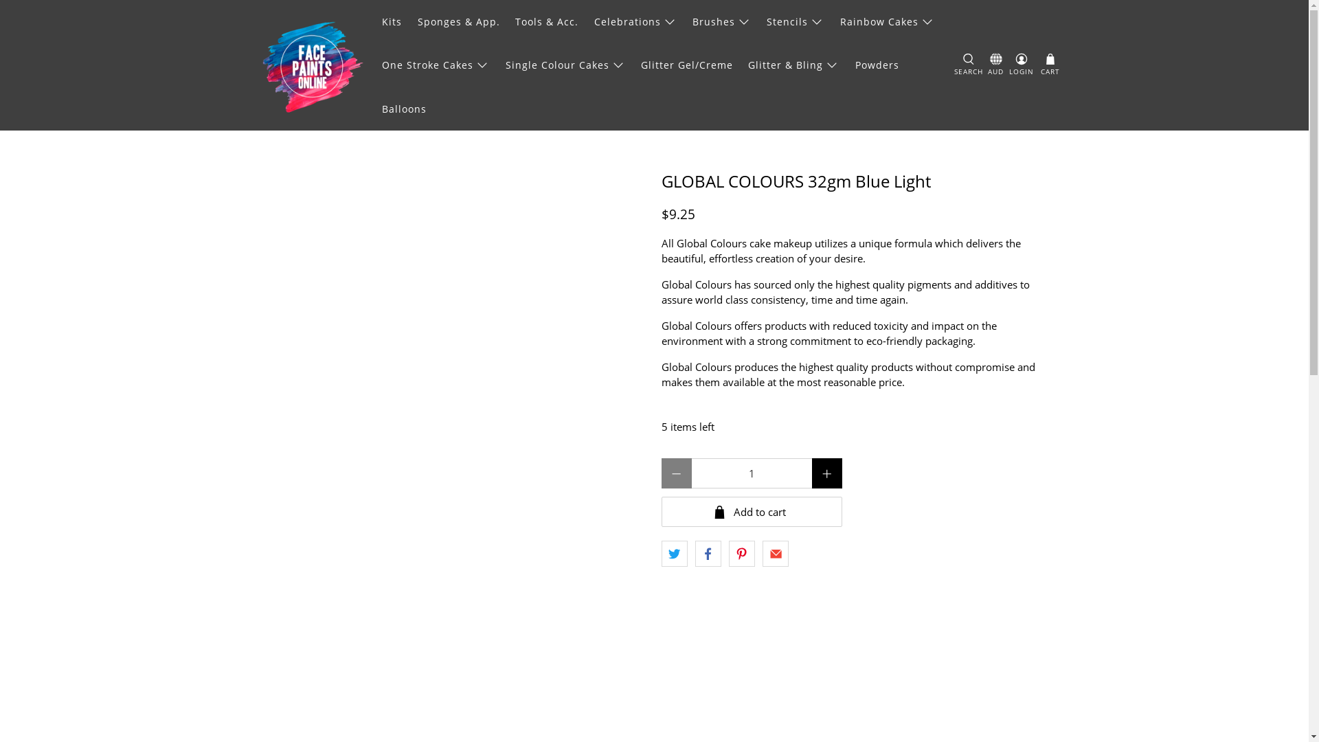  Describe the element at coordinates (458, 21) in the screenshot. I see `'Sponges & App.'` at that location.